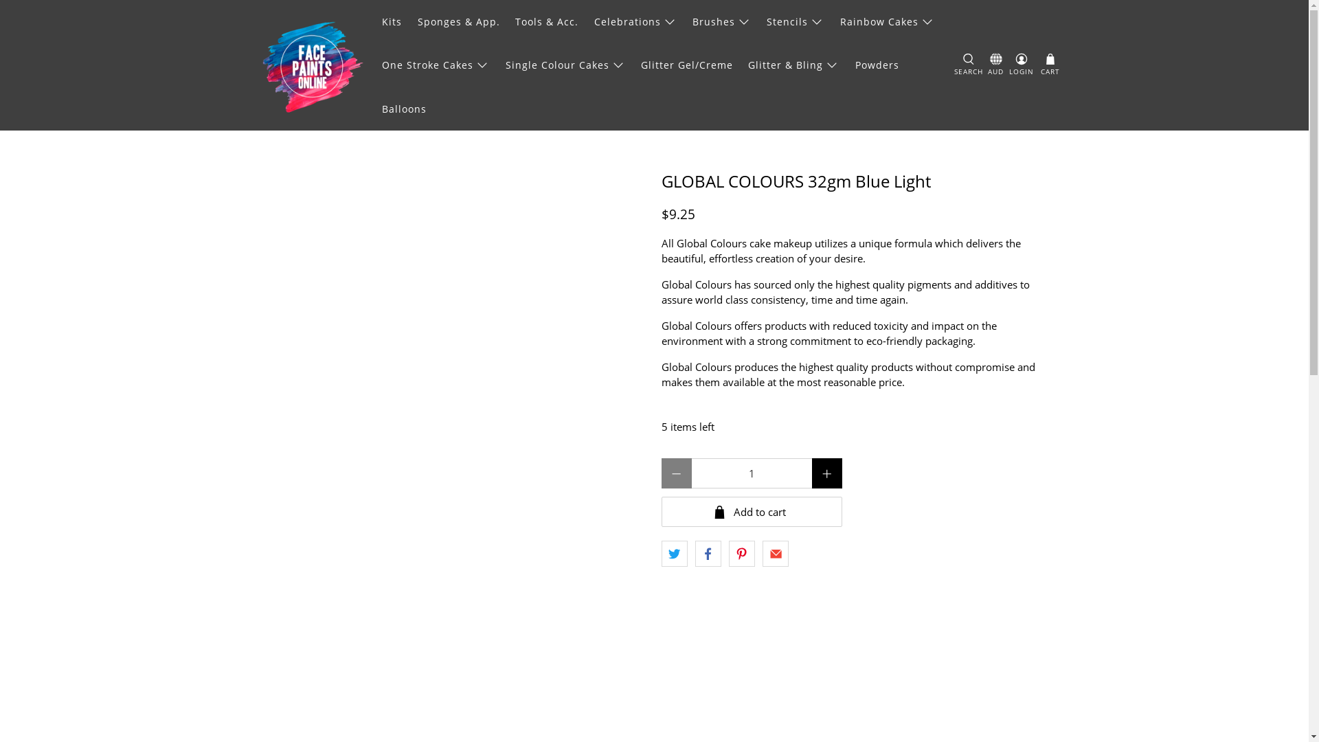  Describe the element at coordinates (458, 21) in the screenshot. I see `'Sponges & App.'` at that location.